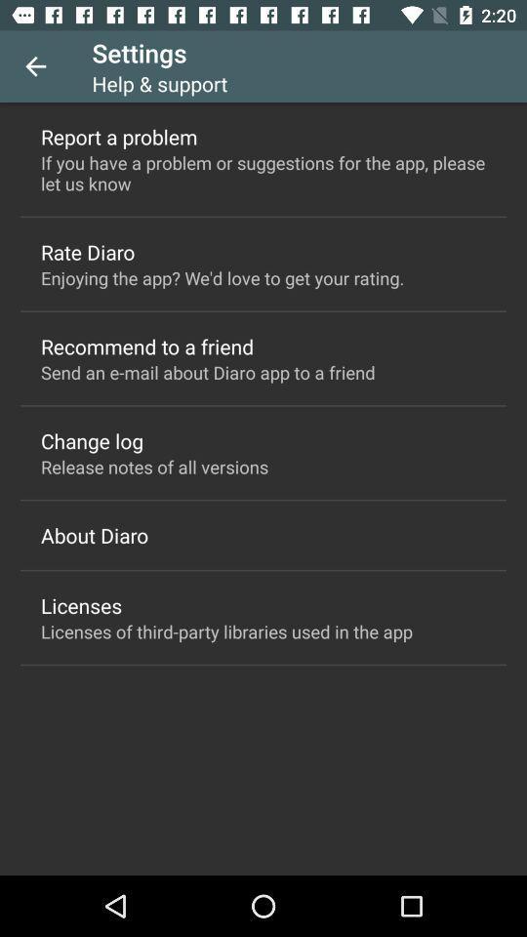 This screenshot has width=527, height=937. Describe the element at coordinates (263, 172) in the screenshot. I see `item above rate diaro` at that location.